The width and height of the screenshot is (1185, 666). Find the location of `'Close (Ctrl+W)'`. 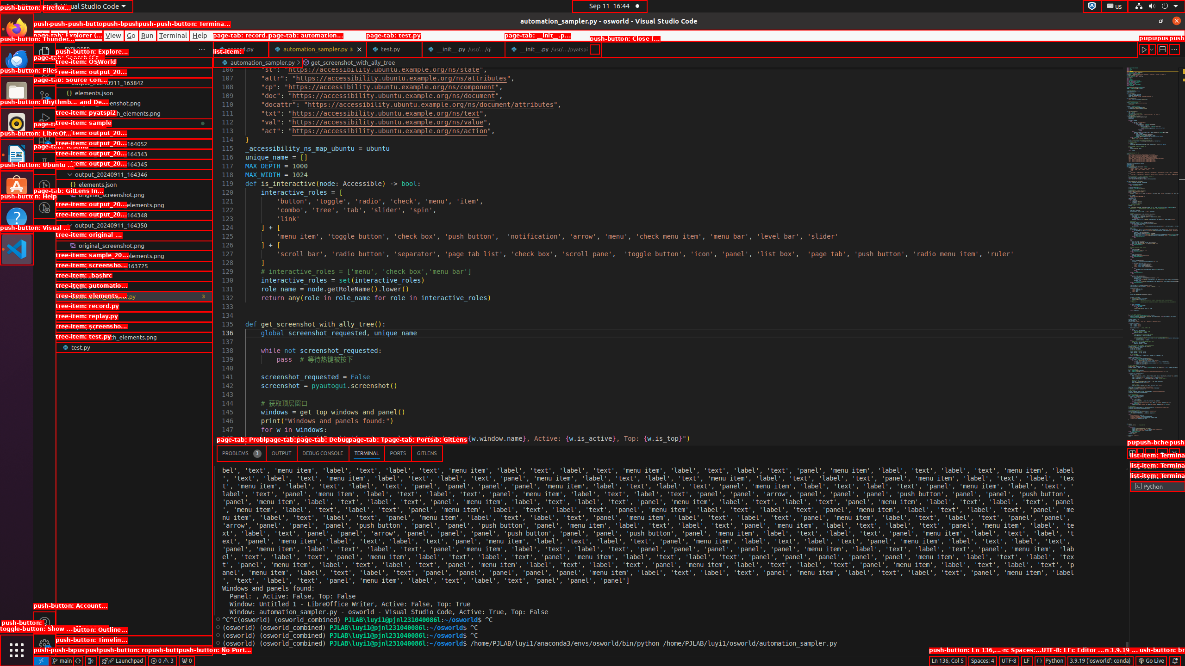

'Close (Ctrl+W)' is located at coordinates (594, 49).